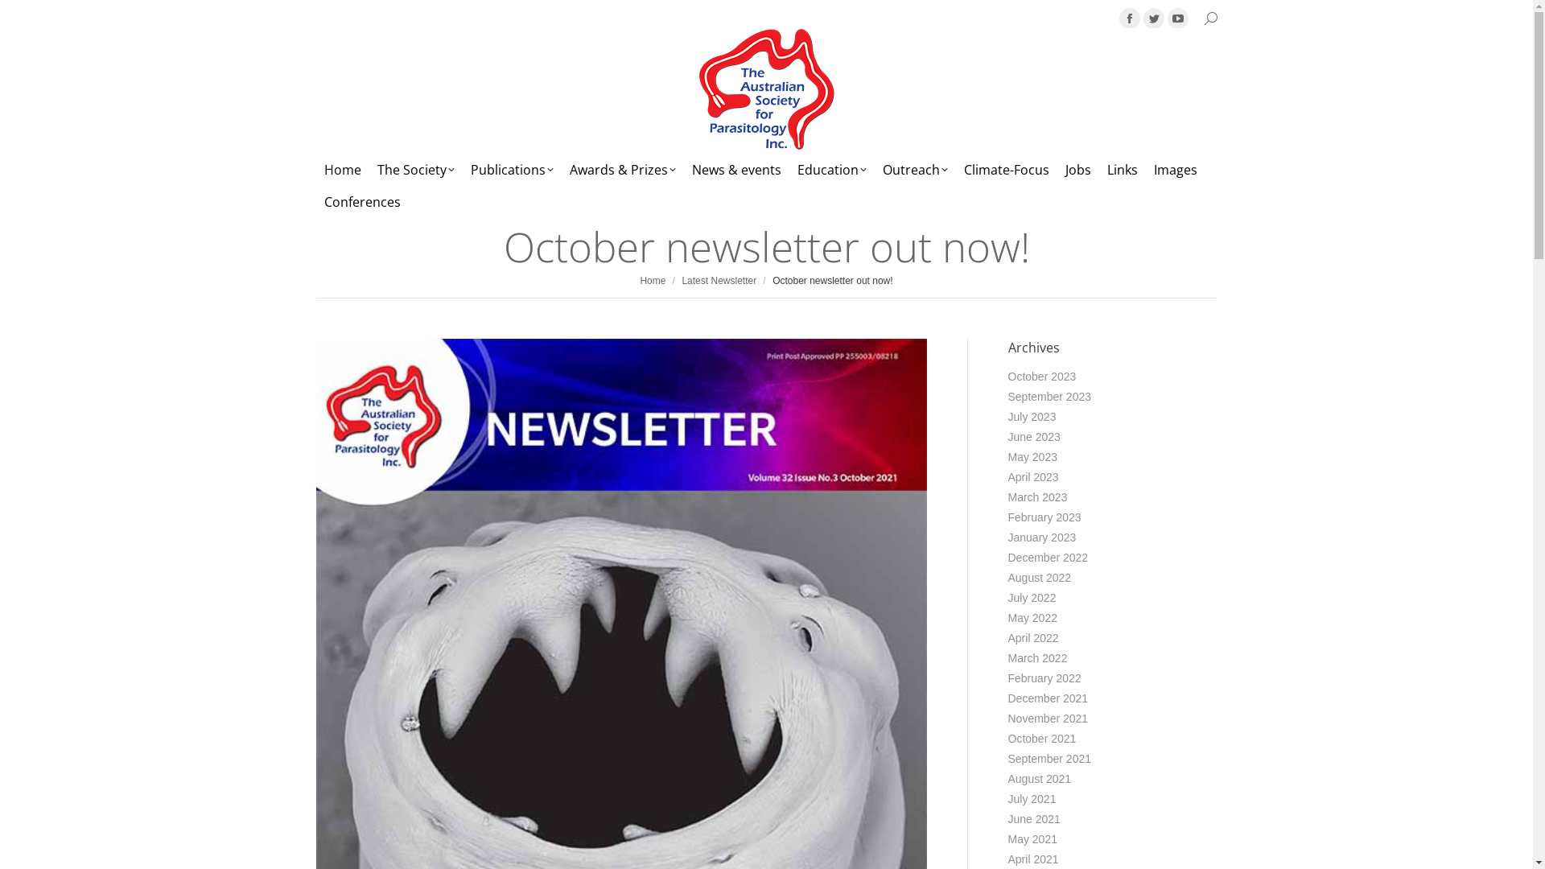 The width and height of the screenshot is (1545, 869). What do you see at coordinates (1007, 397) in the screenshot?
I see `'September 2023'` at bounding box center [1007, 397].